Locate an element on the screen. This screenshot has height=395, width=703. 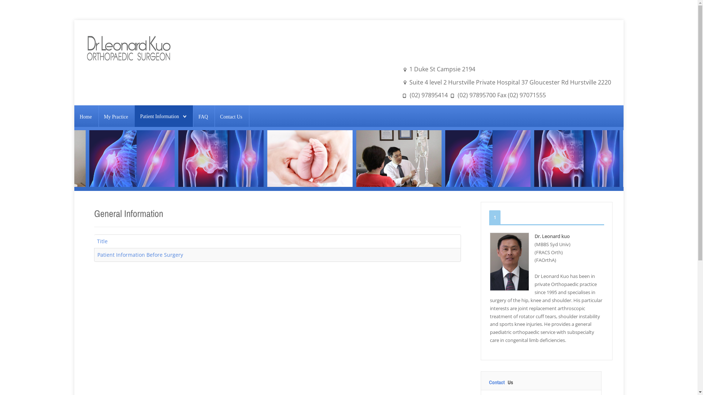
'Home' is located at coordinates (86, 116).